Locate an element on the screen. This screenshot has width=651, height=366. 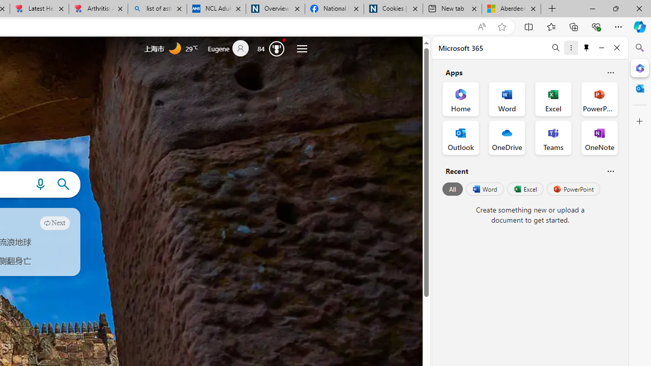
'OneNote Office App' is located at coordinates (599, 138).